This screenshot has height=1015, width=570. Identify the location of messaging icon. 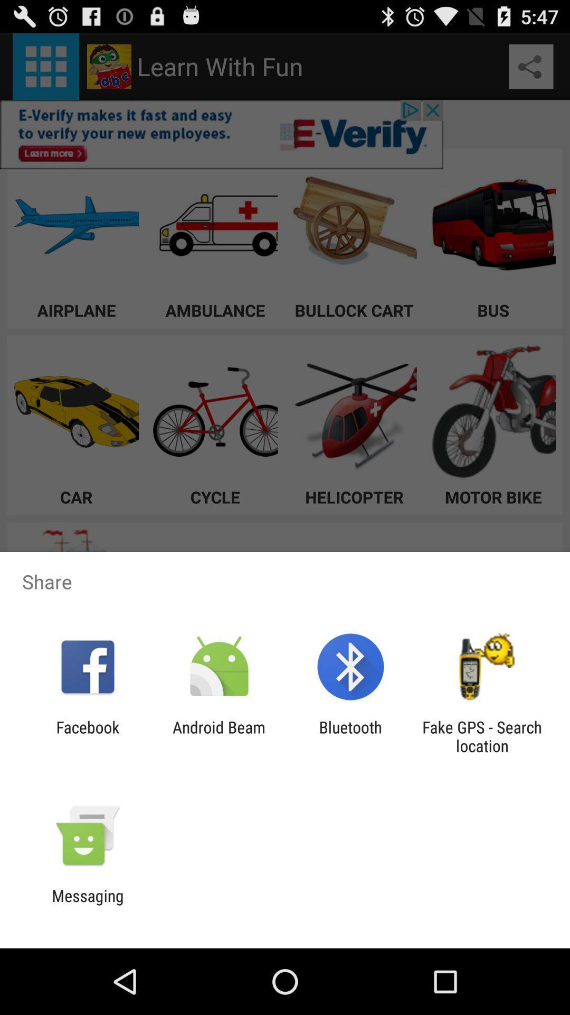
(87, 905).